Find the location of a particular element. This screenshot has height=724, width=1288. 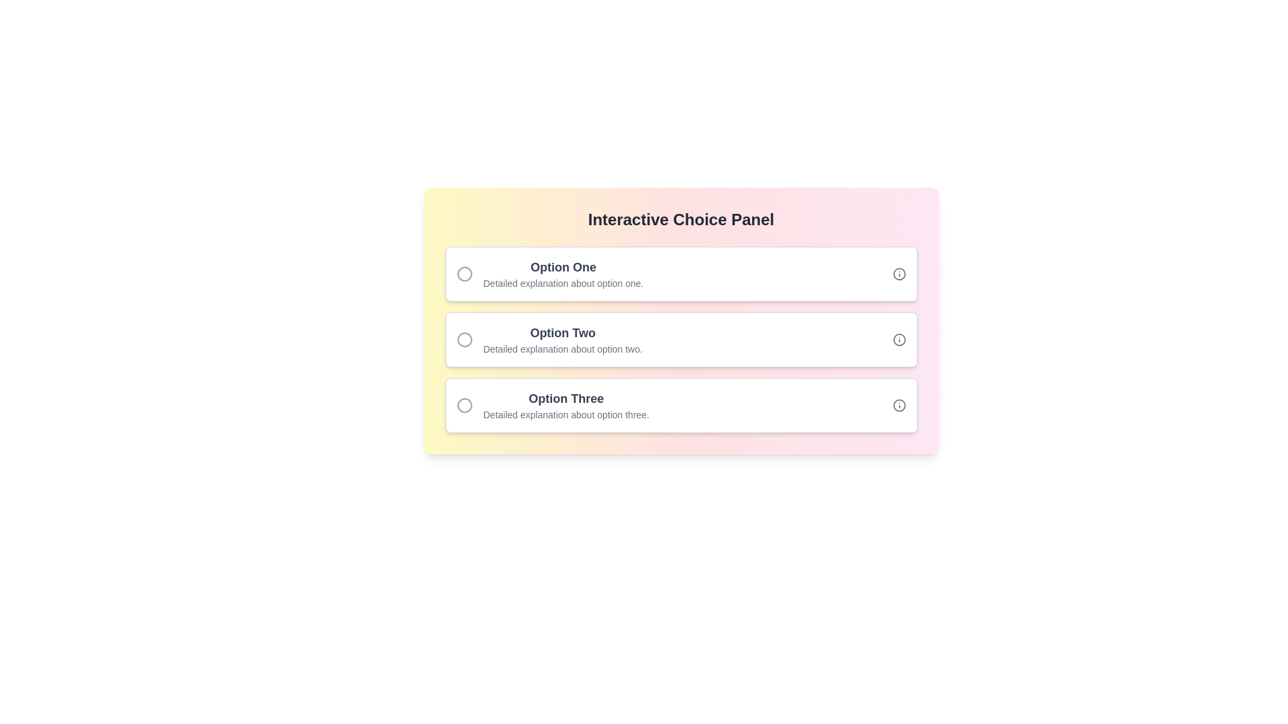

the gray circular icon adjacent to the 'Option One' text label in the first selection row is located at coordinates (899, 273).